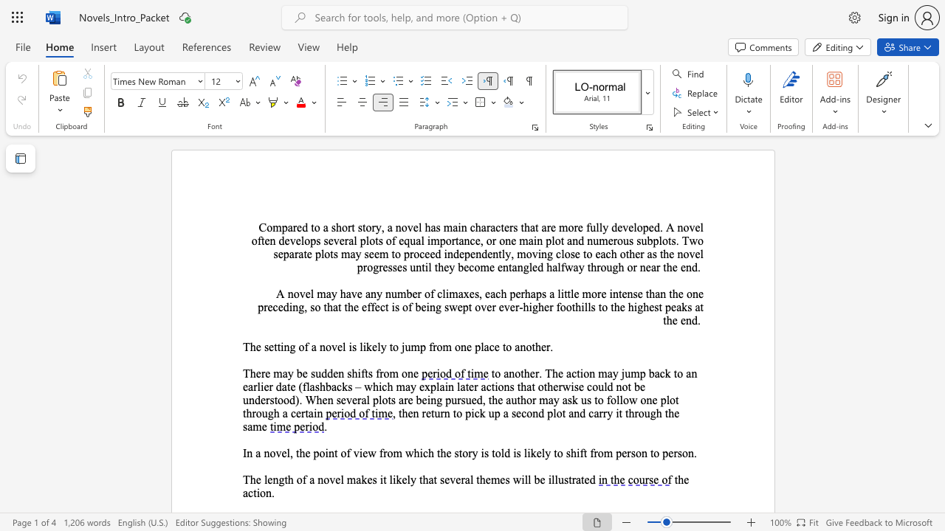 The image size is (945, 531). What do you see at coordinates (385, 294) in the screenshot?
I see `the subset text "number of climaxes," within the text "A novel may have any number of climaxes, each"` at bounding box center [385, 294].